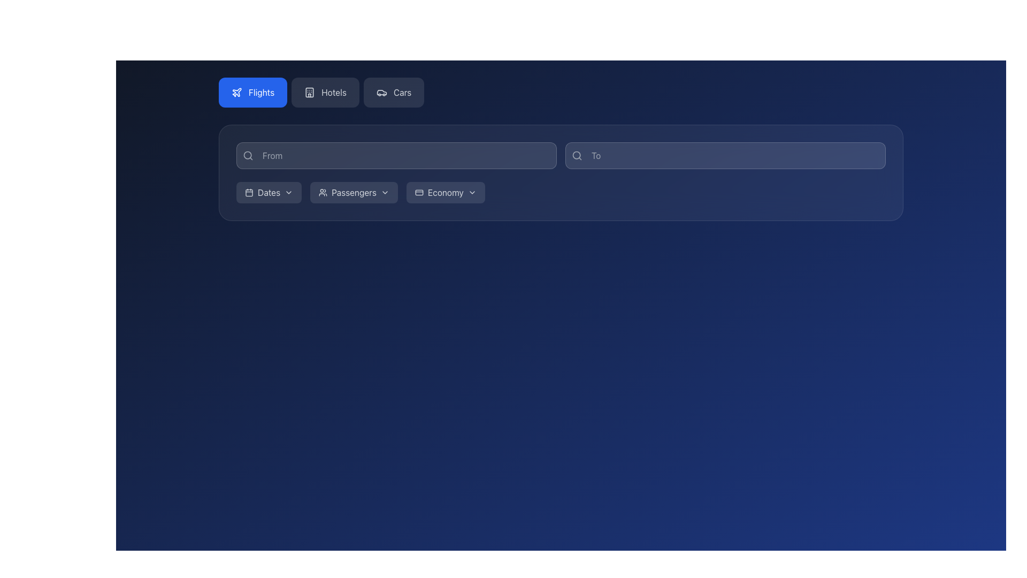 The height and width of the screenshot is (578, 1027). What do you see at coordinates (446, 192) in the screenshot?
I see `the static text label indicating the selected travel class, which currently displays 'Economy'` at bounding box center [446, 192].